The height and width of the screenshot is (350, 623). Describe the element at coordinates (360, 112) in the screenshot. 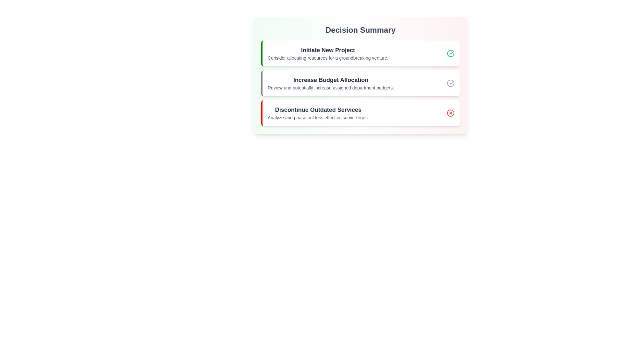

I see `the section Discontinue Outdated Services to emphasize its importance` at that location.